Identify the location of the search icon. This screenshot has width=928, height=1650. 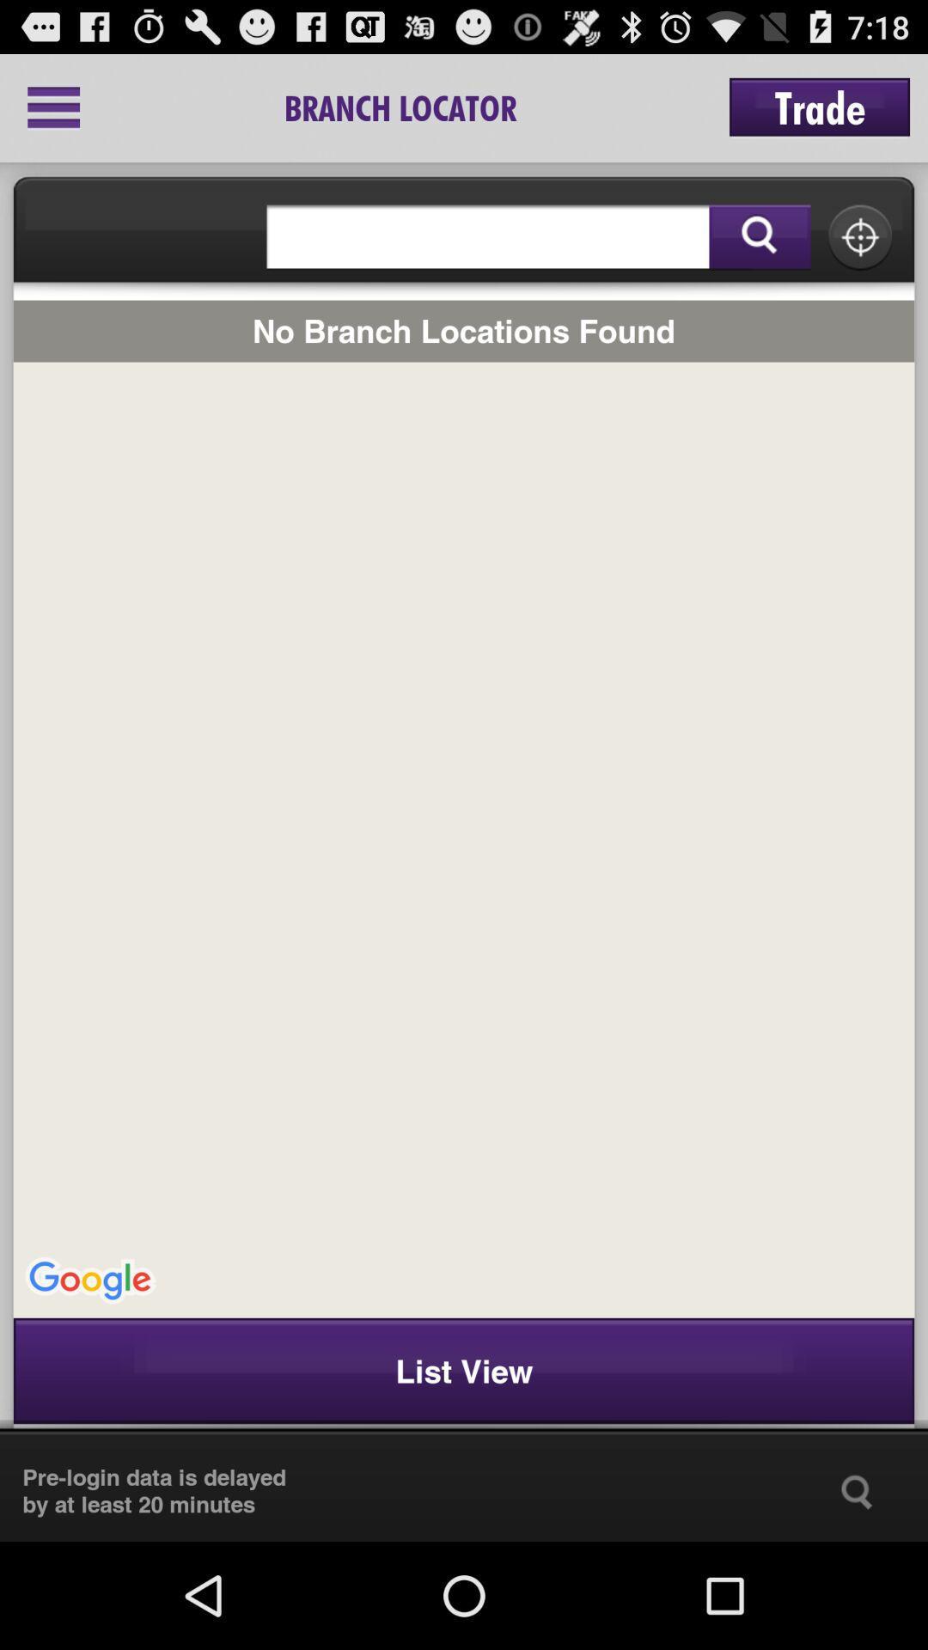
(857, 1595).